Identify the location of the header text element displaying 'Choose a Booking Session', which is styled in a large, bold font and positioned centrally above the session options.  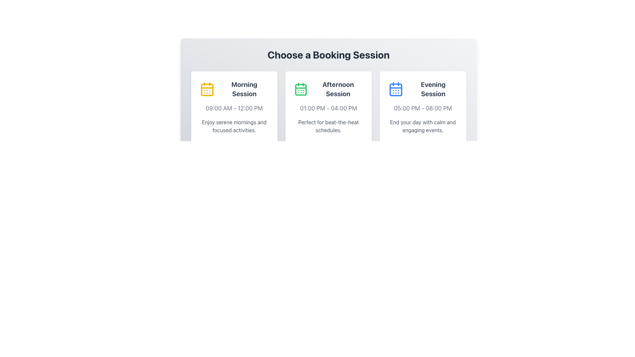
(328, 54).